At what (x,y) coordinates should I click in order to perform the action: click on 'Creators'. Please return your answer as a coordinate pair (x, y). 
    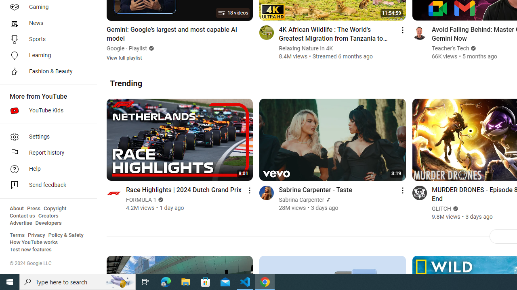
    Looking at the image, I should click on (48, 215).